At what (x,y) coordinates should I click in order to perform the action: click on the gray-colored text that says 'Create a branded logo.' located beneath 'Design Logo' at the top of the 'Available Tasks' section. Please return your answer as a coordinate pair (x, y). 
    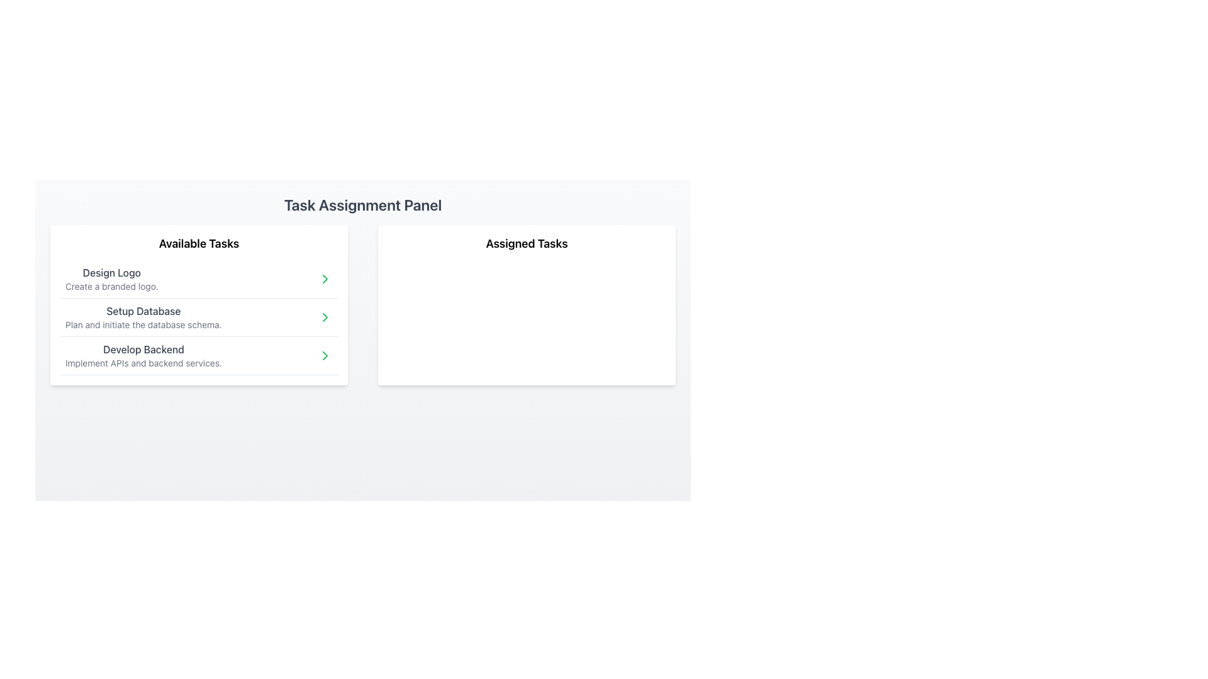
    Looking at the image, I should click on (111, 286).